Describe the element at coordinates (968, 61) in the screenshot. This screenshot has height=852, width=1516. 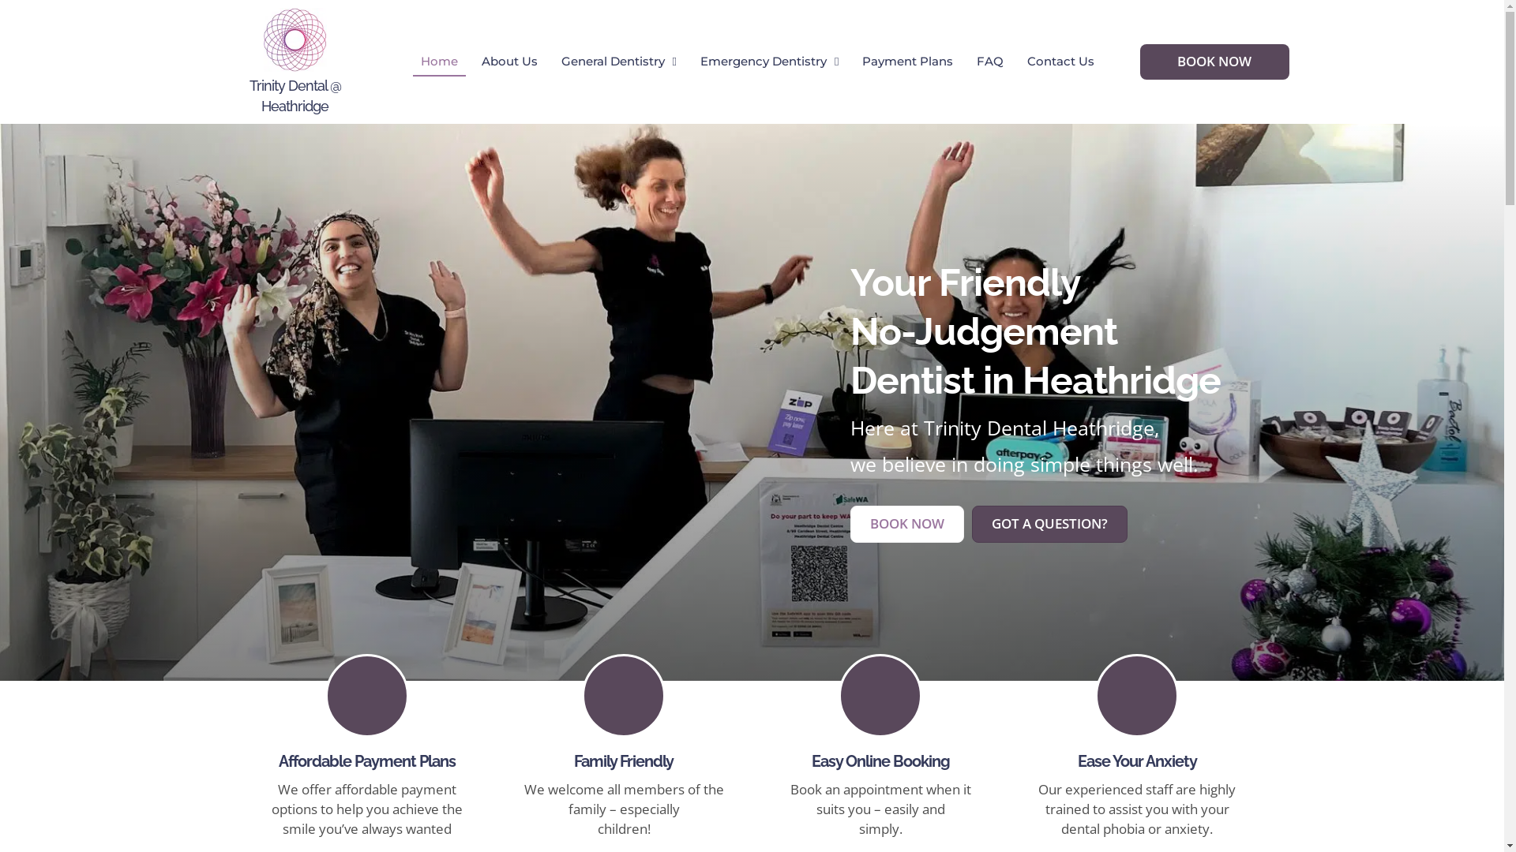
I see `'FAQ'` at that location.